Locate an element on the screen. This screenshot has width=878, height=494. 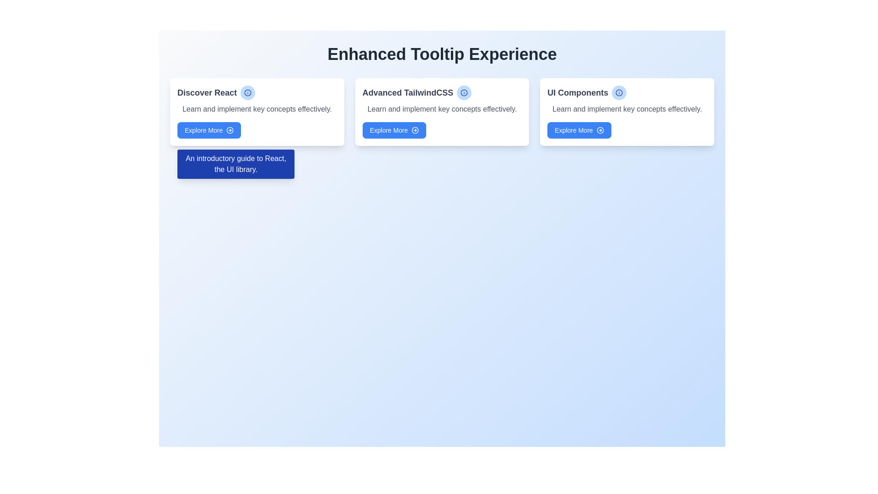
the information icon located at the top right corner of the 'UI Components' card is located at coordinates (619, 93).